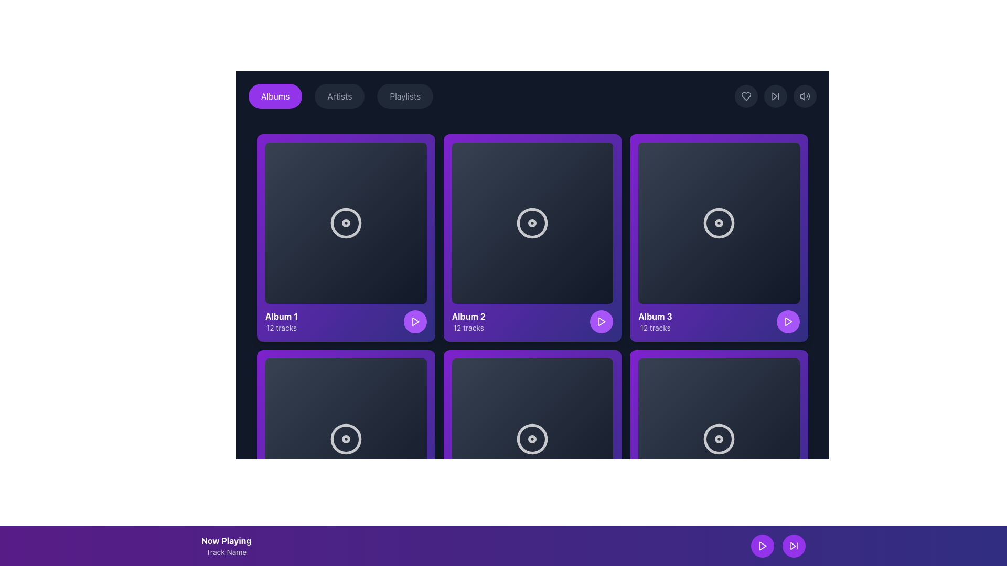 This screenshot has width=1007, height=566. I want to click on the circular button with a dark gray background and a white forward skip arrow icon, which is the second button in a horizontal row of three buttons located in the upper-right corner of the interface, so click(775, 96).